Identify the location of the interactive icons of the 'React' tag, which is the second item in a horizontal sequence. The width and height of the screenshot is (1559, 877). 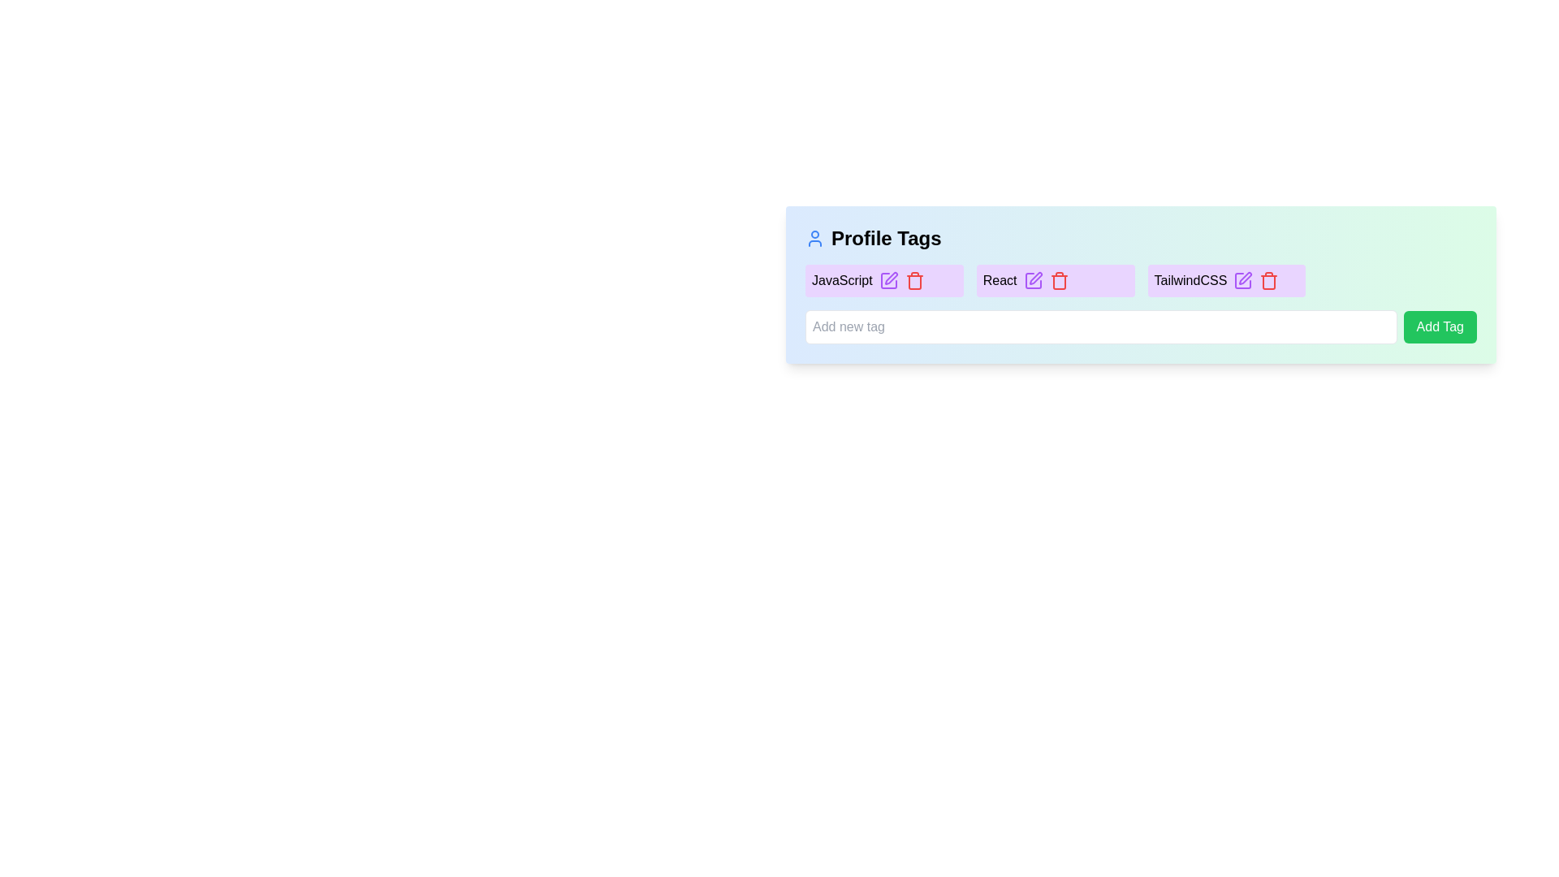
(1056, 280).